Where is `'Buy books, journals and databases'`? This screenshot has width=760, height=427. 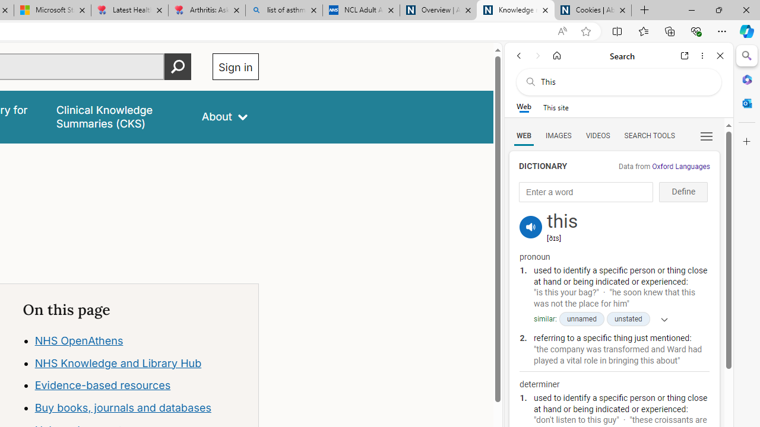 'Buy books, journals and databases' is located at coordinates (122, 407).